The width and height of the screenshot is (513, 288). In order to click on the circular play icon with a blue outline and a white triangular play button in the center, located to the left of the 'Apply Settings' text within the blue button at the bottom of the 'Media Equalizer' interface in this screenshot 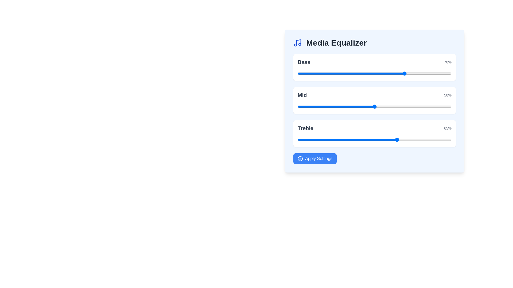, I will do `click(300, 158)`.